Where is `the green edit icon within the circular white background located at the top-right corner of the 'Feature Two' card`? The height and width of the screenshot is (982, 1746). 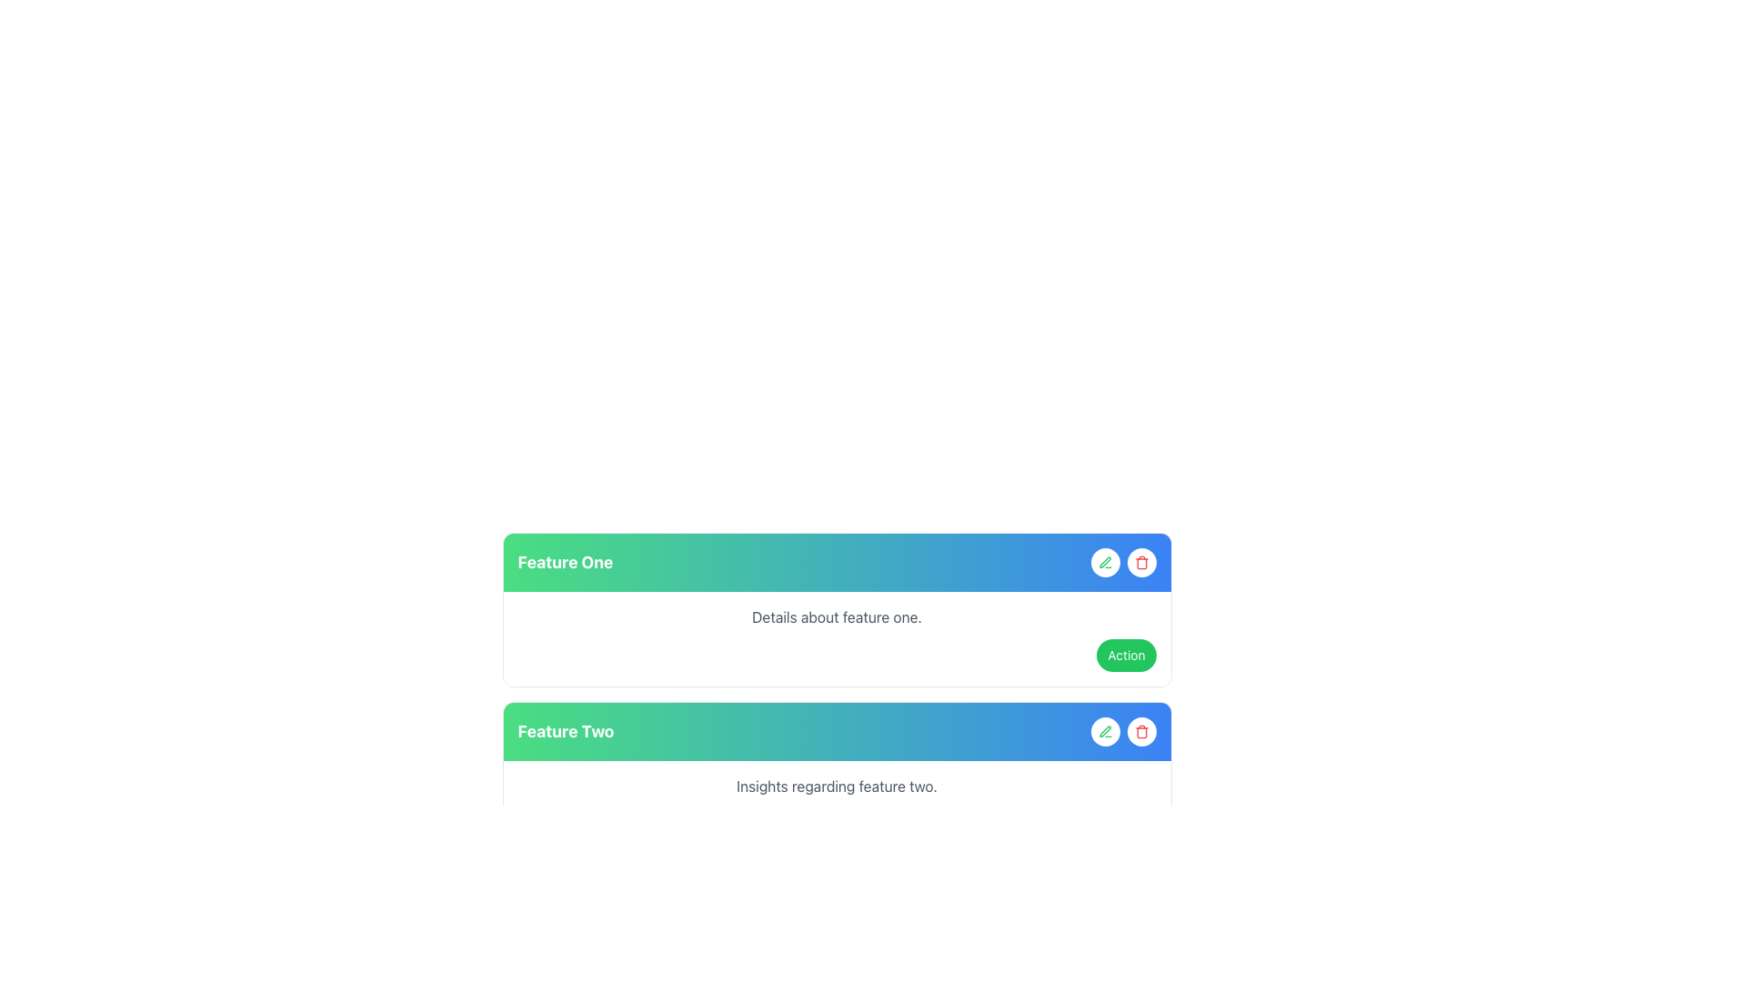 the green edit icon within the circular white background located at the top-right corner of the 'Feature Two' card is located at coordinates (1104, 561).